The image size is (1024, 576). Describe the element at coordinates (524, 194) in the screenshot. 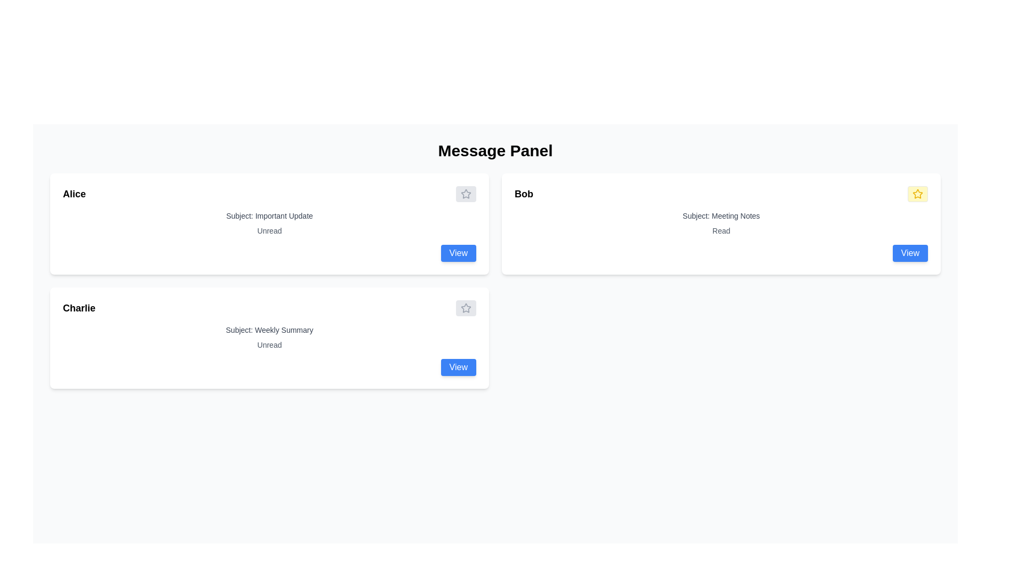

I see `the text label in the top-right card that serves as a title or identifier for the associated card` at that location.